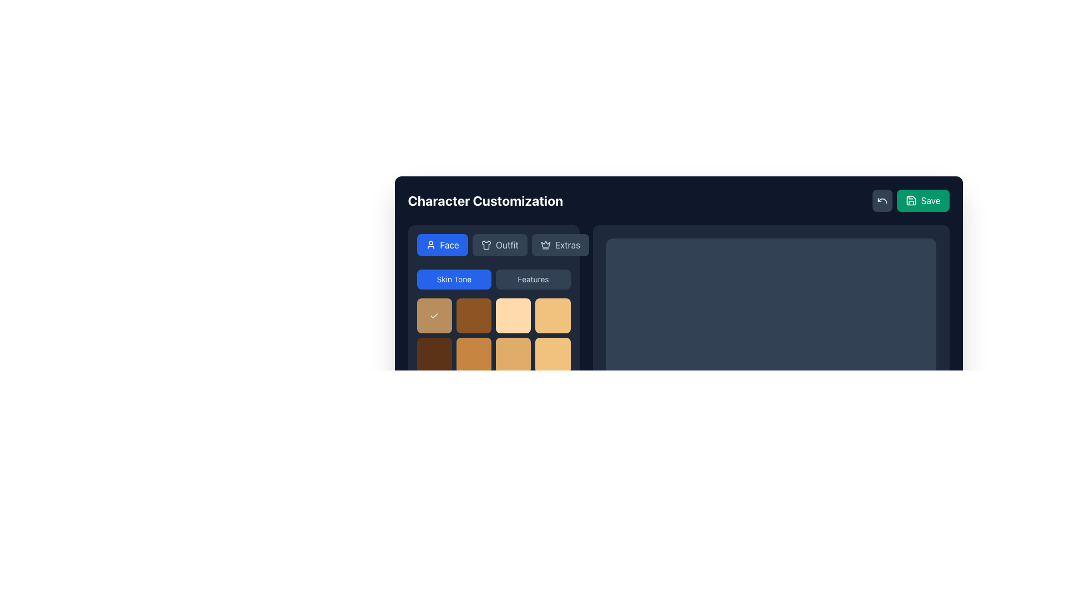 This screenshot has width=1065, height=599. Describe the element at coordinates (442, 245) in the screenshot. I see `the blue rounded rectangle button labeled 'Face' with a user silhouette icon` at that location.